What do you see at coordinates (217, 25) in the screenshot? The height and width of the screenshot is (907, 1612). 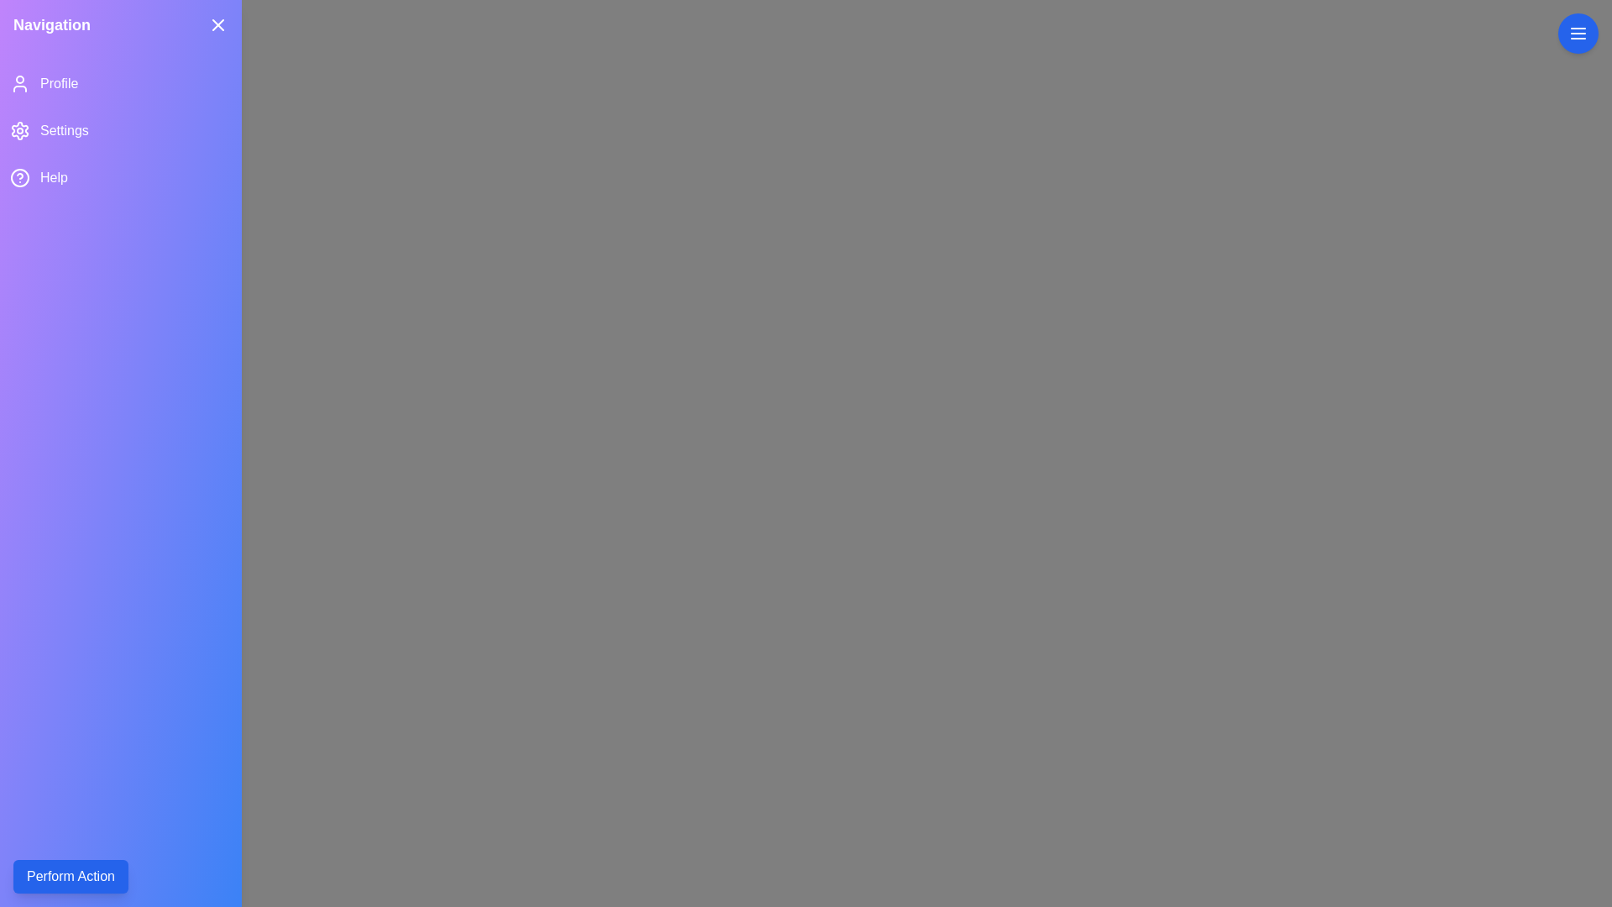 I see `the close icon resembling a cross ('X') located at the top-right corner of the sidebar panel adjacent to the 'Navigation' title` at bounding box center [217, 25].